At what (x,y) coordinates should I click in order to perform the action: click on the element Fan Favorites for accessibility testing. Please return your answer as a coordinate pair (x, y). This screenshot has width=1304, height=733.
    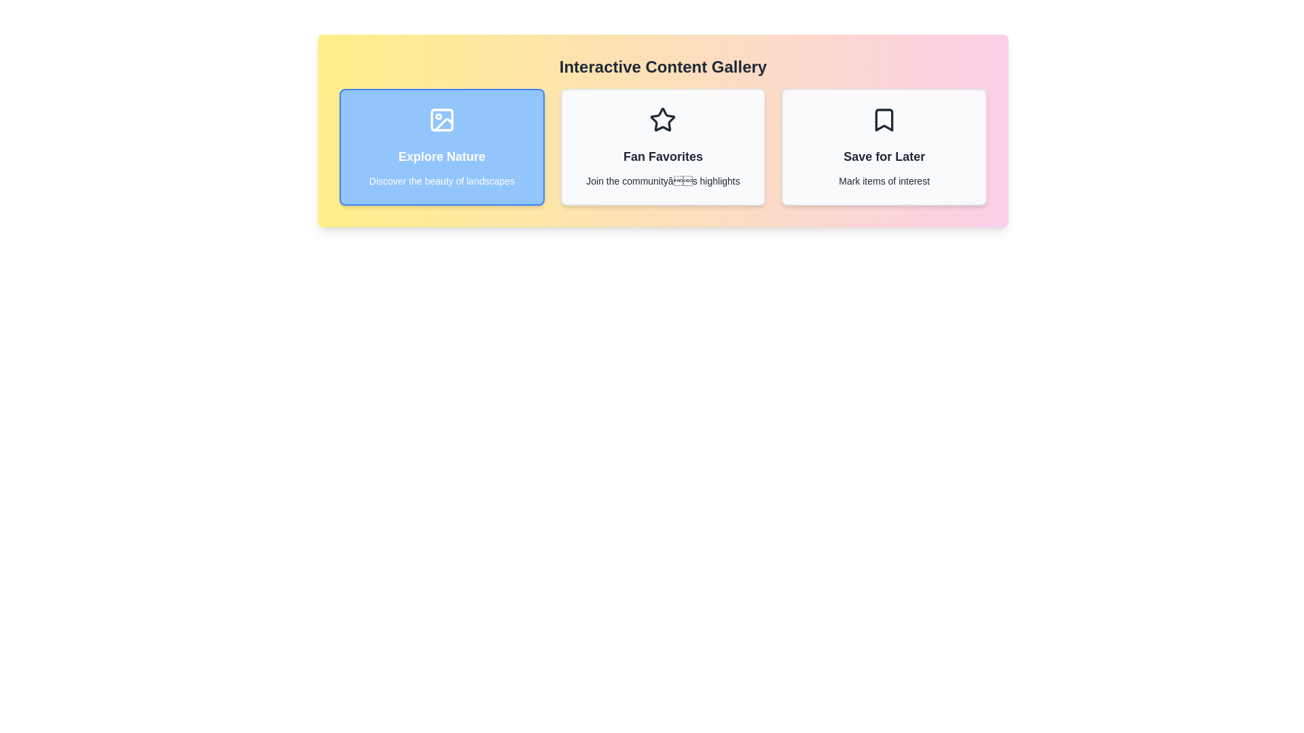
    Looking at the image, I should click on (663, 147).